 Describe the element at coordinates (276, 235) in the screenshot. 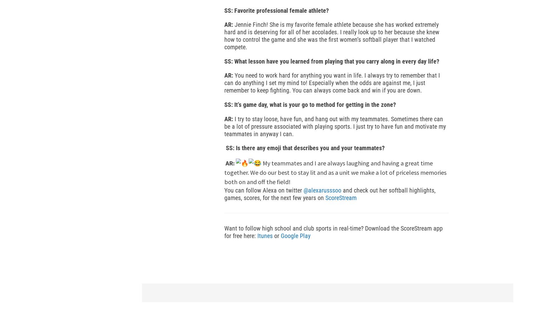

I see `'or'` at that location.